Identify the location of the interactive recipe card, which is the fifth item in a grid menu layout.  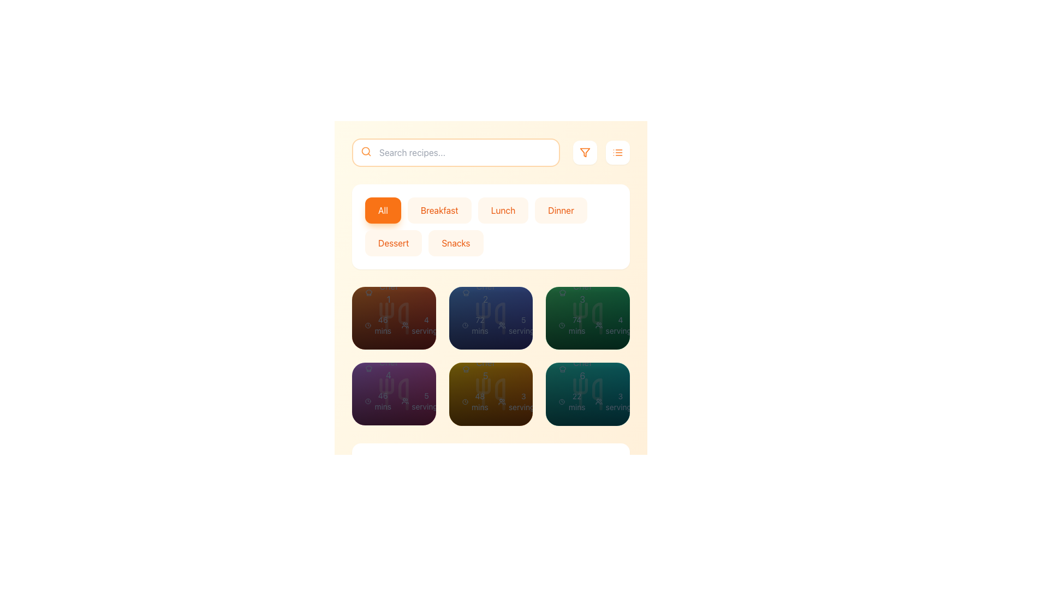
(490, 394).